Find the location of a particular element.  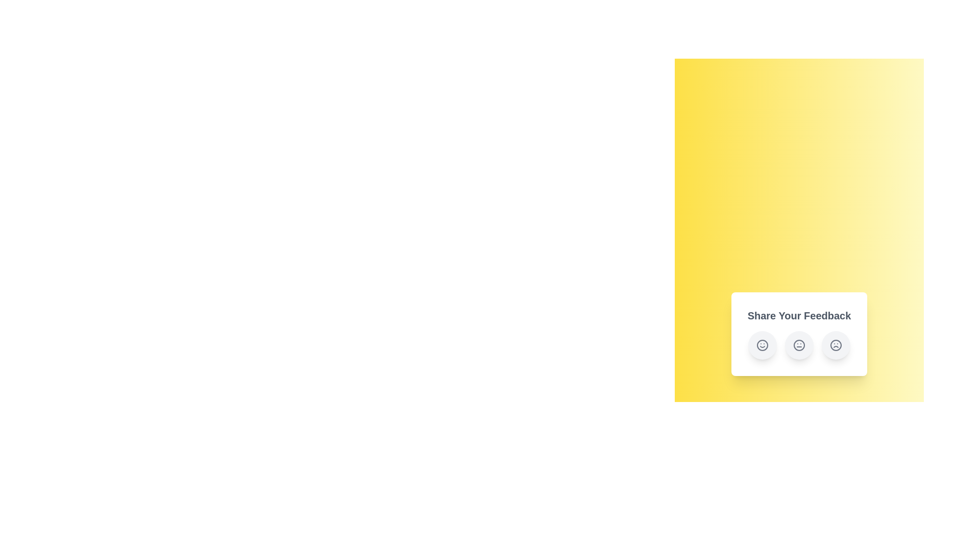

the 'Happy' feedback button is located at coordinates (762, 345).